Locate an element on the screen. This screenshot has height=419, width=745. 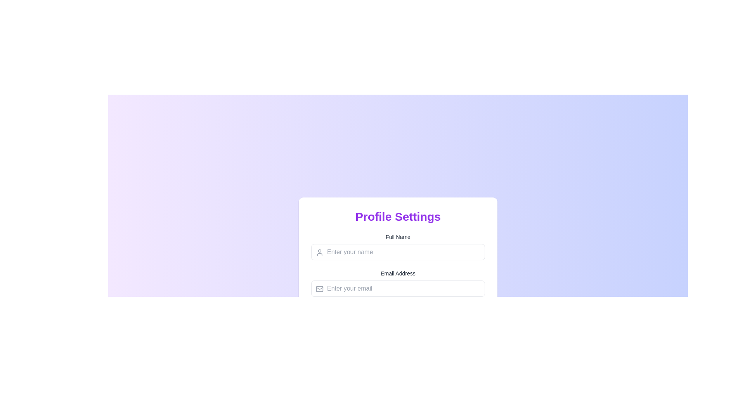
the text label reading 'Full Name' which is prominently styled above the input field for entering the full name is located at coordinates (398, 236).